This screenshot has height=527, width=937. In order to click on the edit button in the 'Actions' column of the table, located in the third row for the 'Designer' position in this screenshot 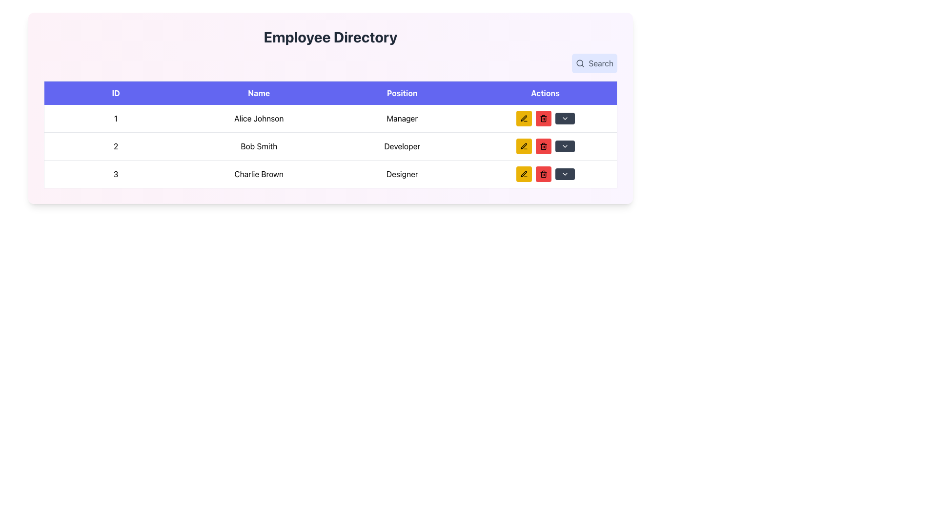, I will do `click(523, 174)`.